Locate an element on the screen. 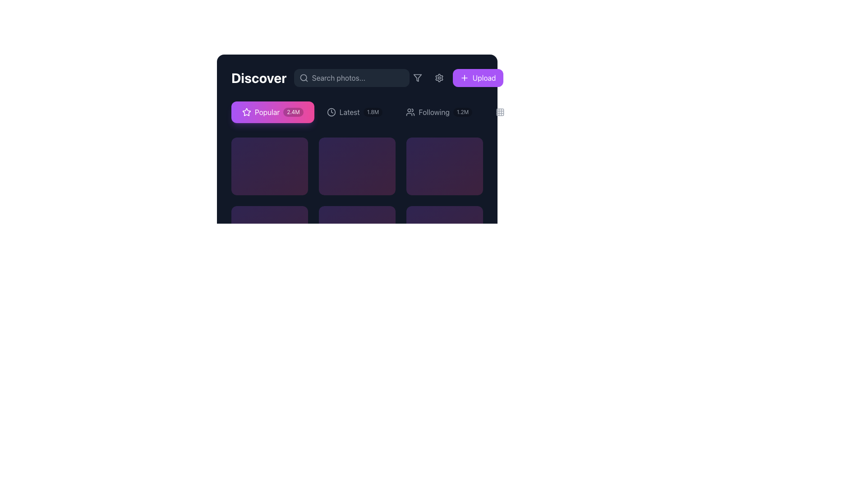  value displayed in the text label containing '2.4M', which is styled with a small rounded box and is located within the 'Popular' button is located at coordinates (293, 112).